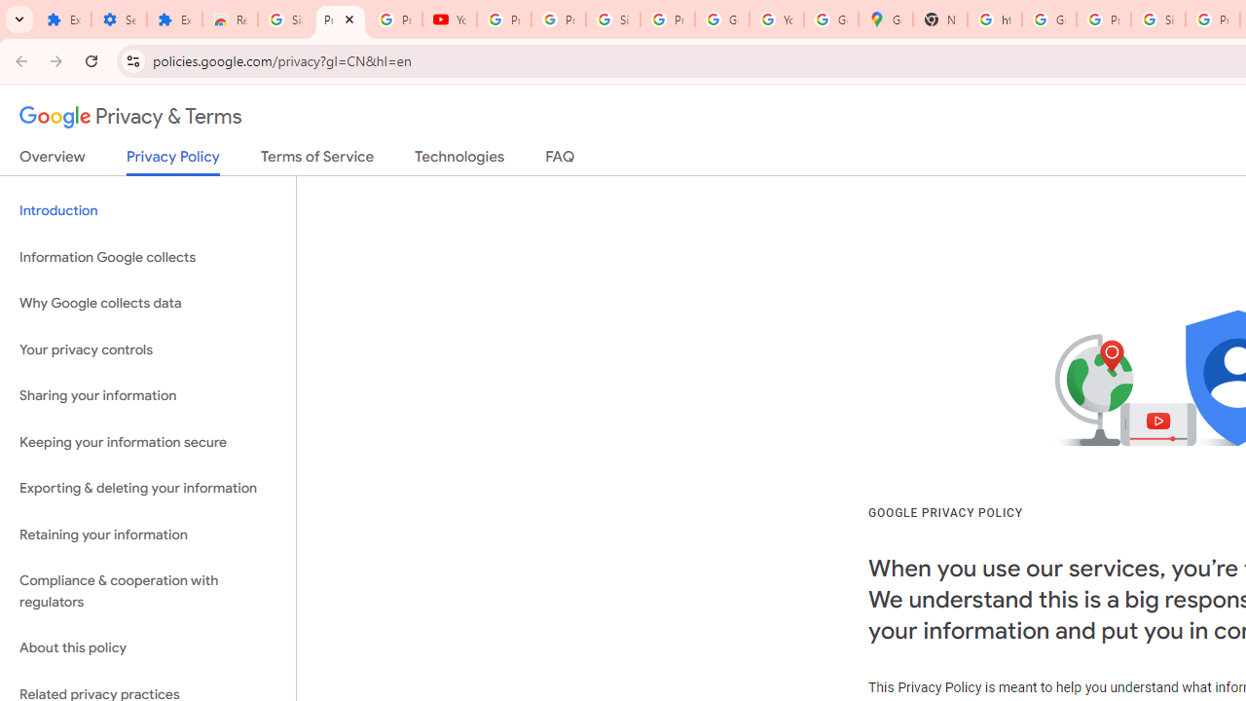 The width and height of the screenshot is (1246, 701). I want to click on 'Reviews: Helix Fruit Jump Arcade Game', so click(230, 19).